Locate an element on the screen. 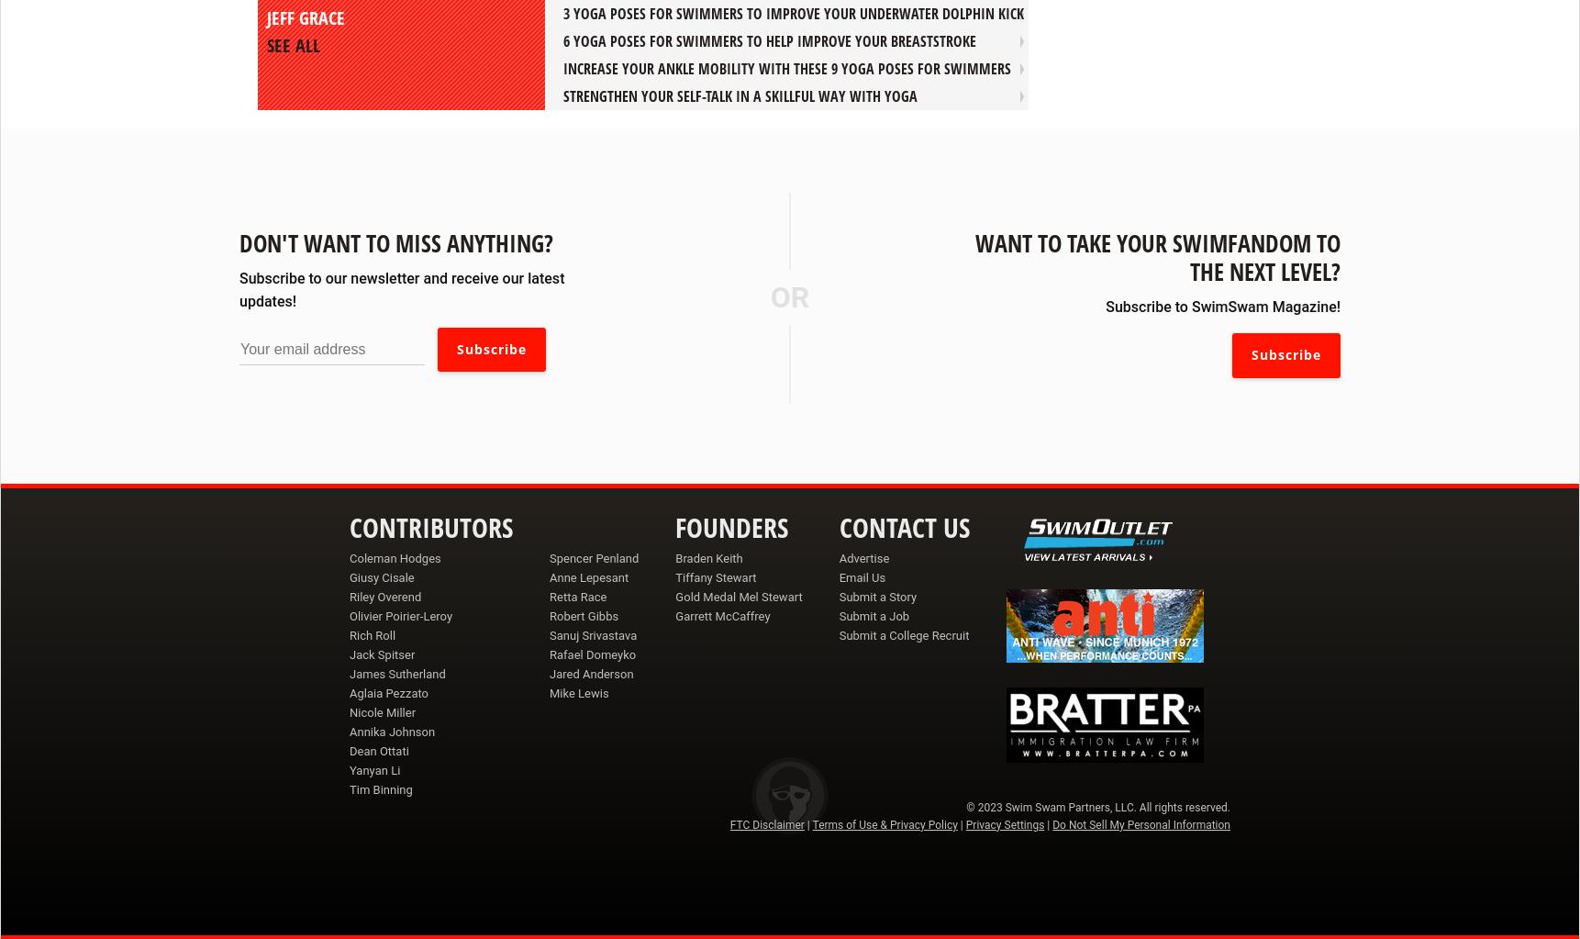 This screenshot has height=939, width=1580. 'Yanyan Li' is located at coordinates (374, 768).